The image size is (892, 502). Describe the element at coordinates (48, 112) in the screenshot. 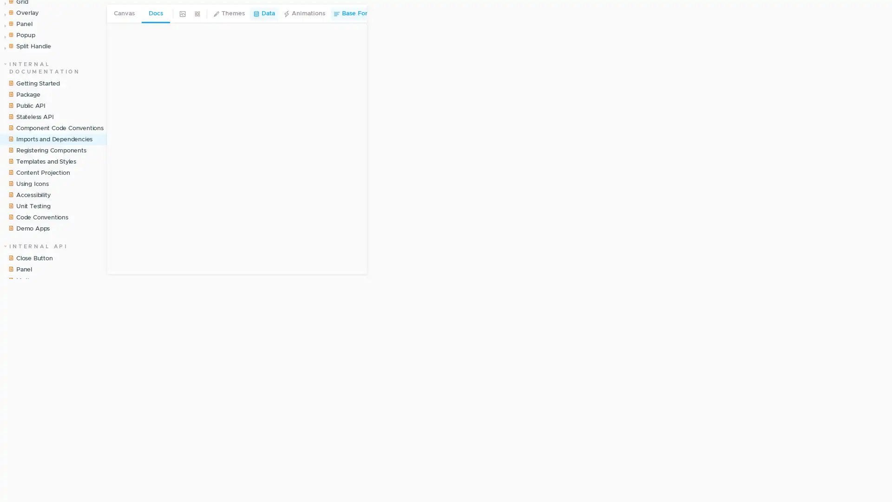

I see `INTERNAL DOCUMENTATION` at that location.